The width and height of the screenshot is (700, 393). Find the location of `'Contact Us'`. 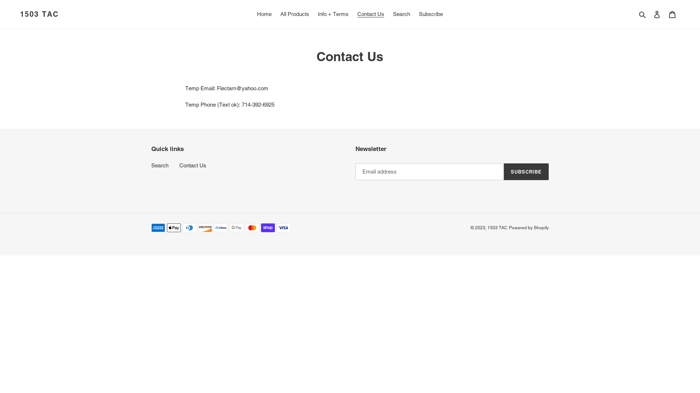

'Contact Us' is located at coordinates (192, 165).